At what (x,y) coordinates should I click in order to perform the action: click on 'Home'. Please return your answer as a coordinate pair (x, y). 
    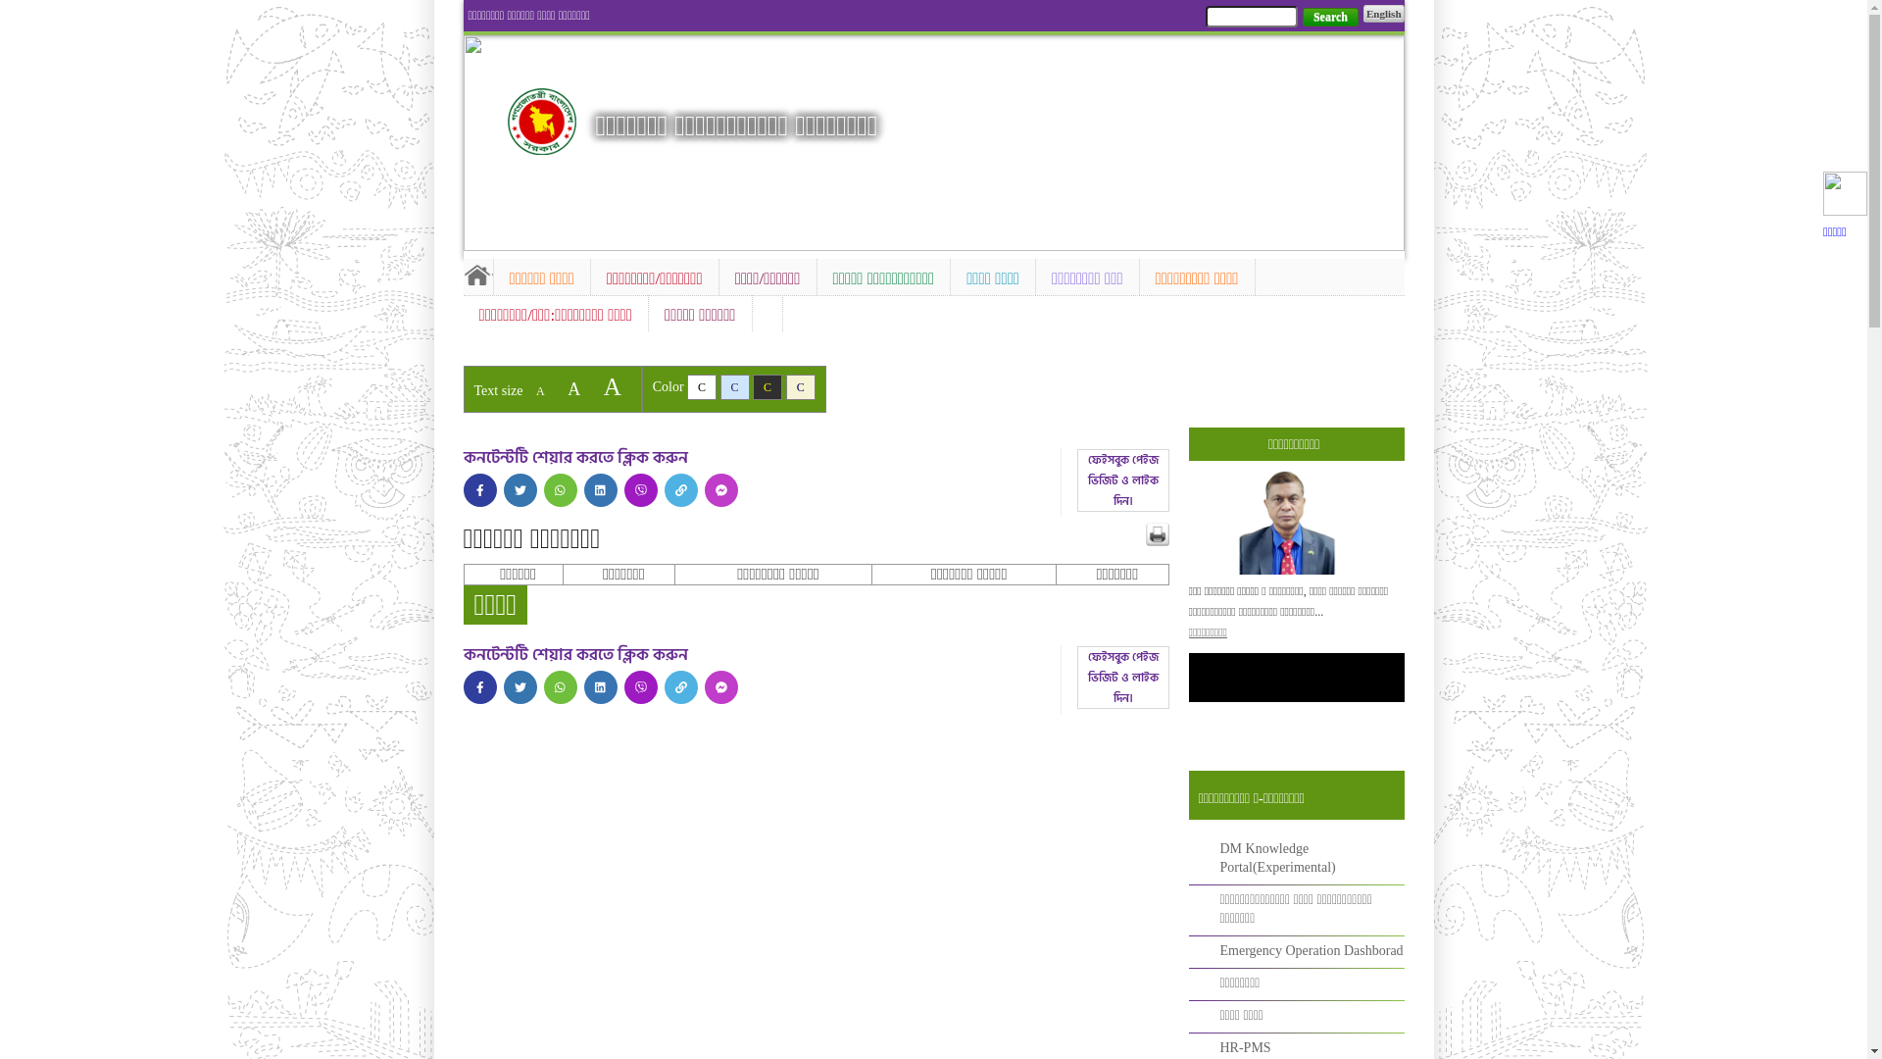
    Looking at the image, I should click on (461, 275).